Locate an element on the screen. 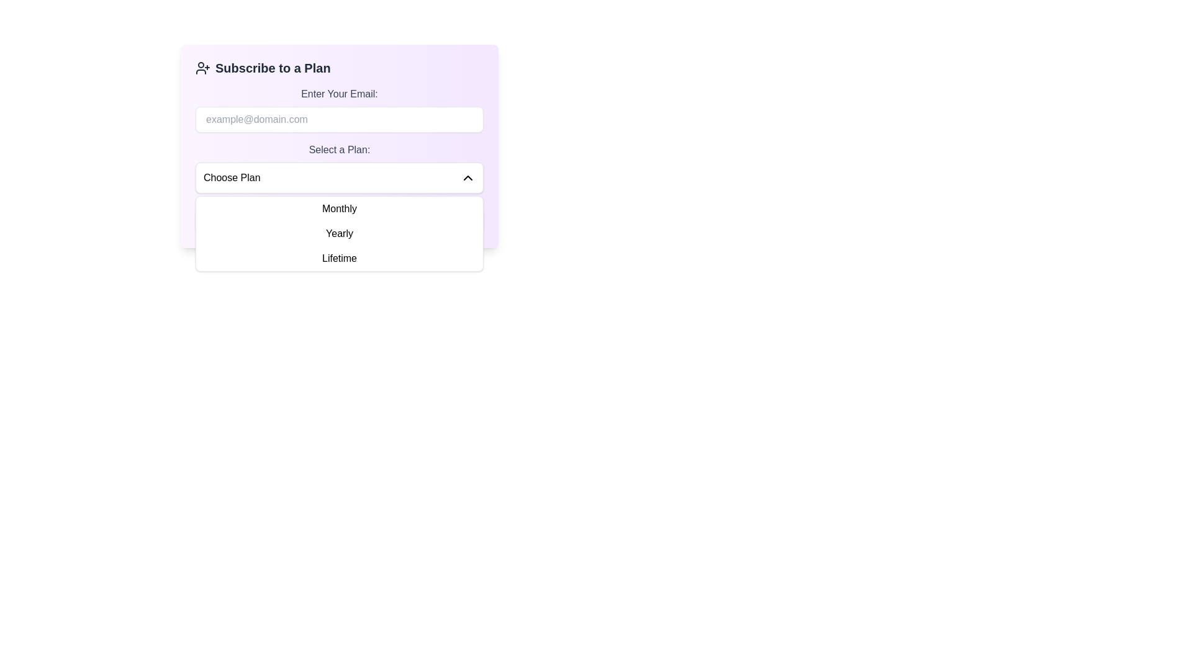 The image size is (1192, 670). the chevron icon is located at coordinates (467, 177).